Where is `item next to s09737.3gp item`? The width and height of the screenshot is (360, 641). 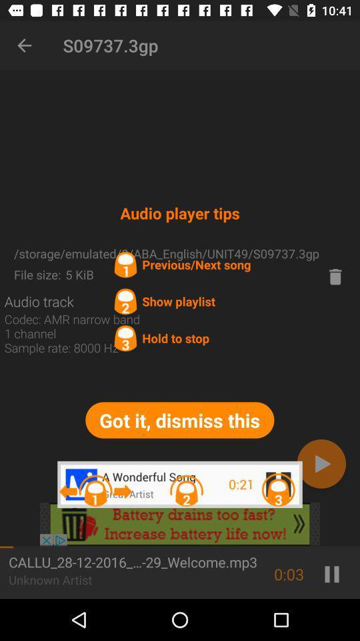
item next to s09737.3gp item is located at coordinates (24, 45).